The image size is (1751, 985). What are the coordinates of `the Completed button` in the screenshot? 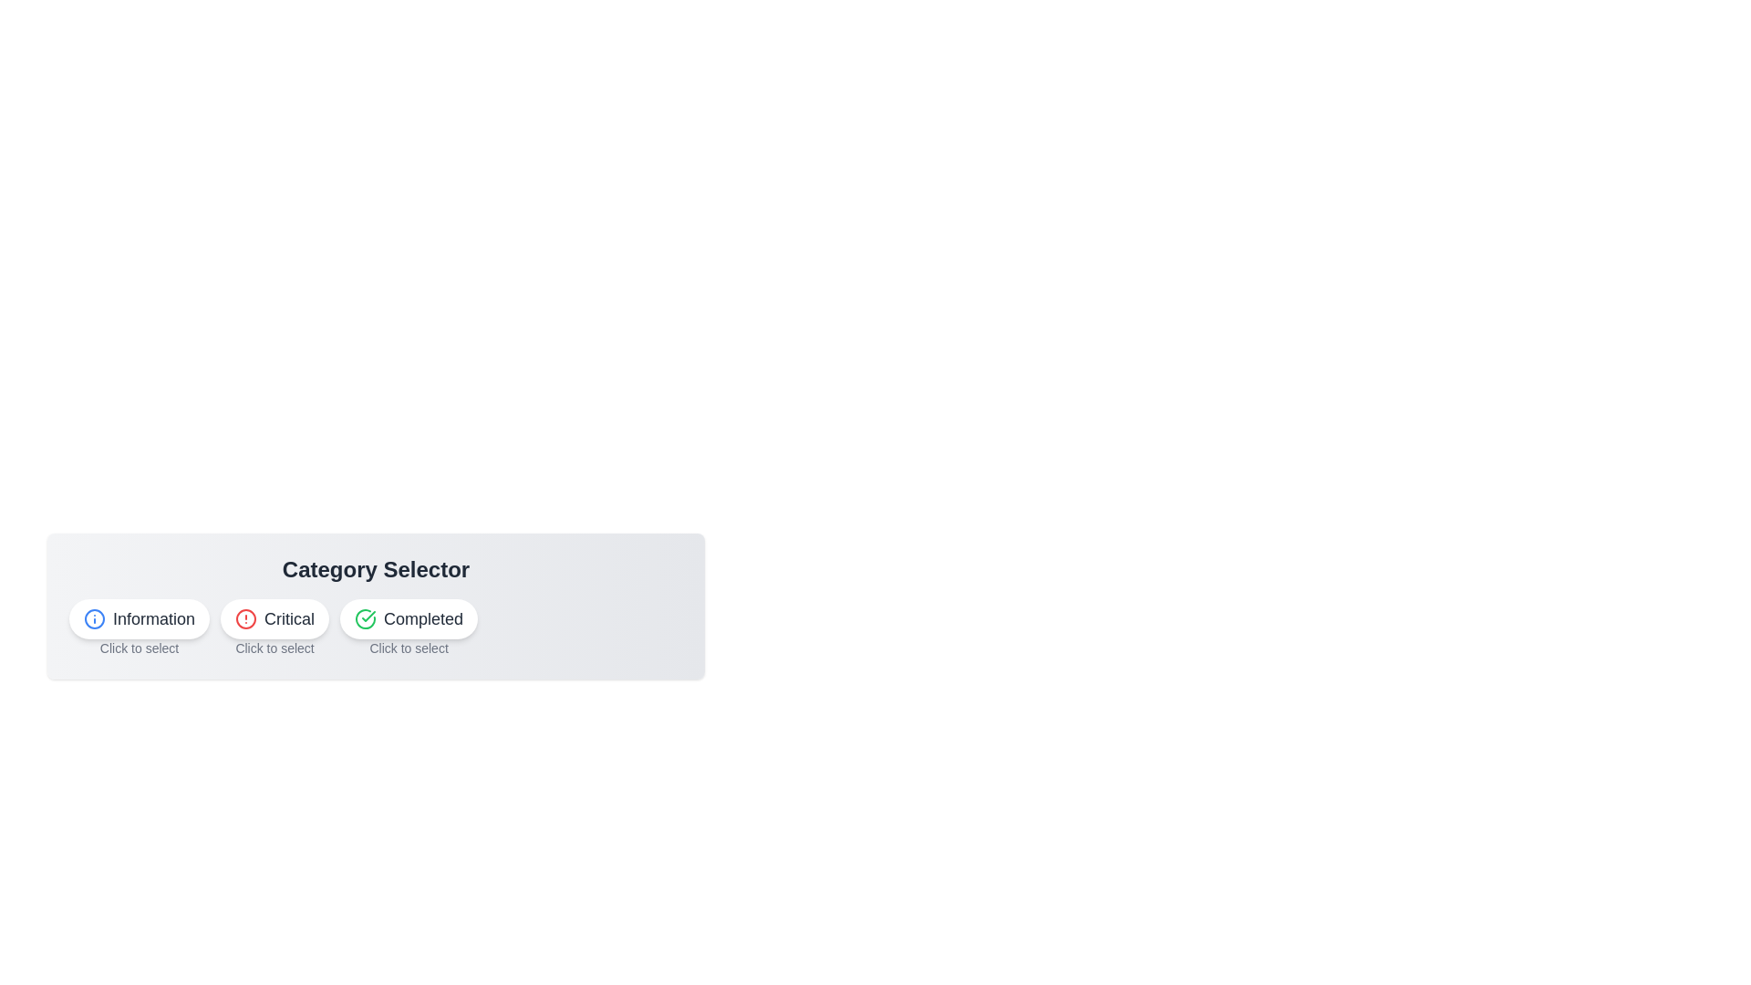 It's located at (407, 617).